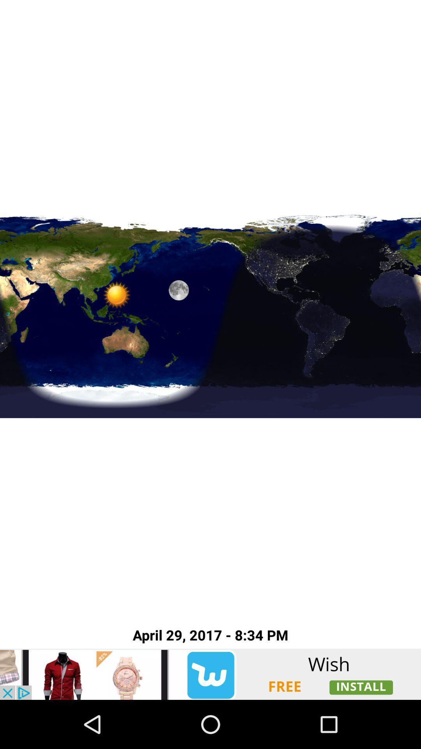 The image size is (421, 749). I want to click on advertisement button, so click(210, 674).